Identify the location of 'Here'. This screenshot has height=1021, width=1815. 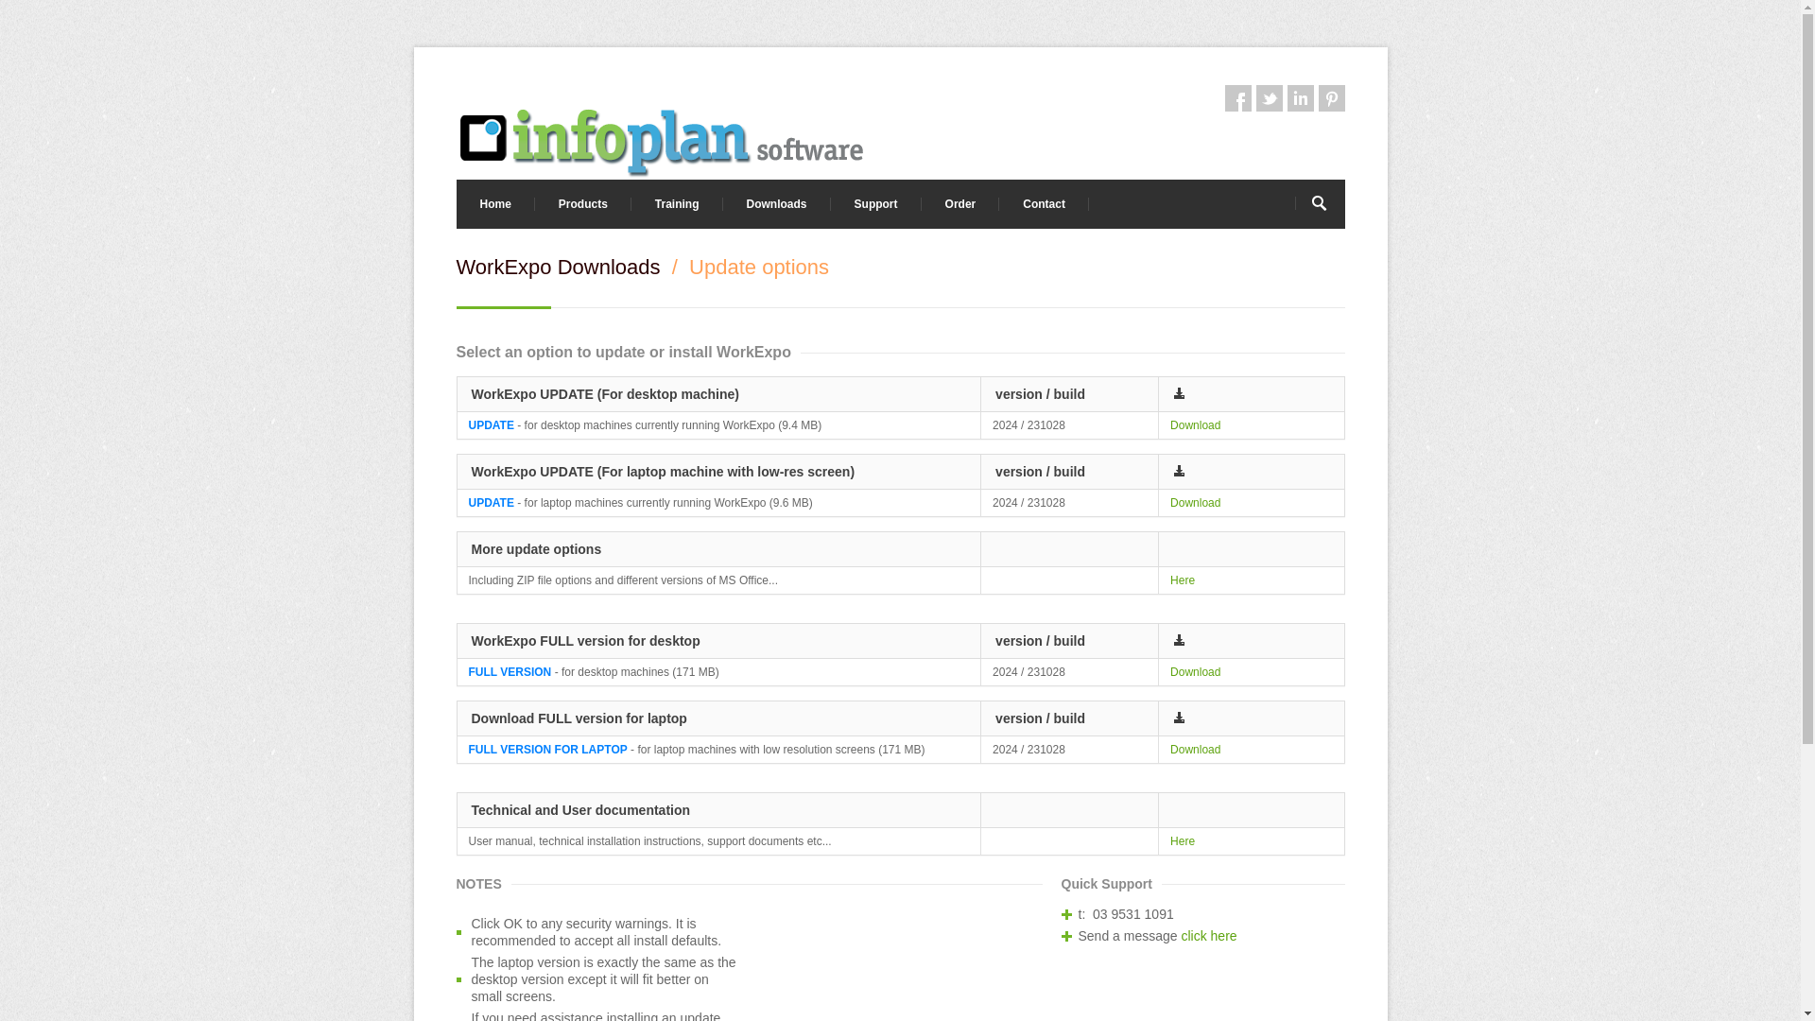
(1169, 840).